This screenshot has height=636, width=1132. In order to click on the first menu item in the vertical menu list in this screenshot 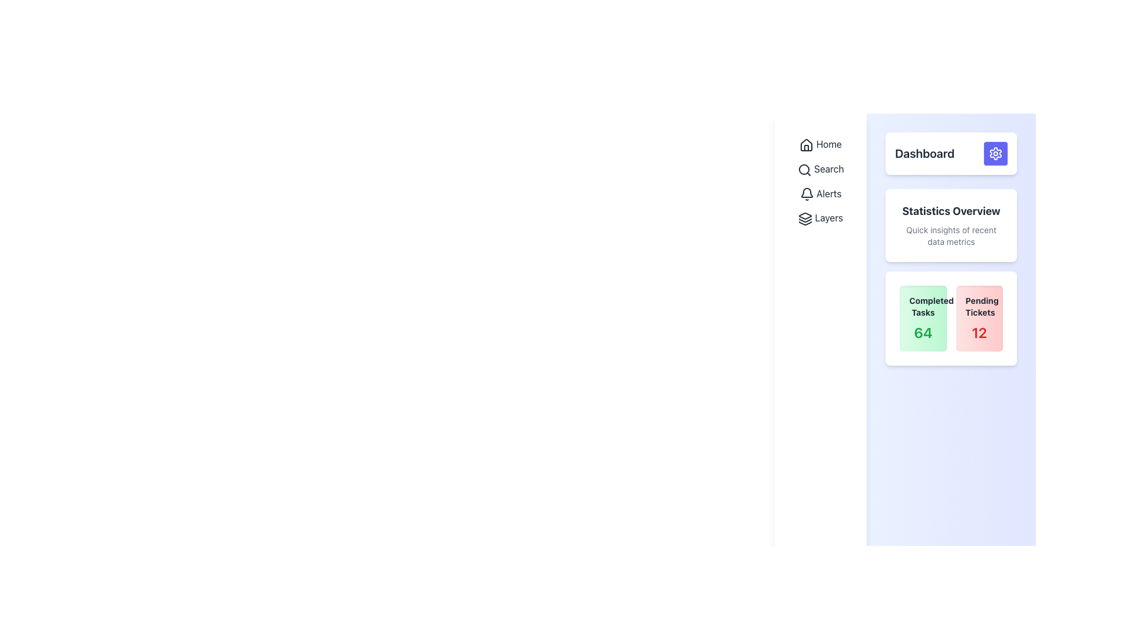, I will do `click(820, 144)`.